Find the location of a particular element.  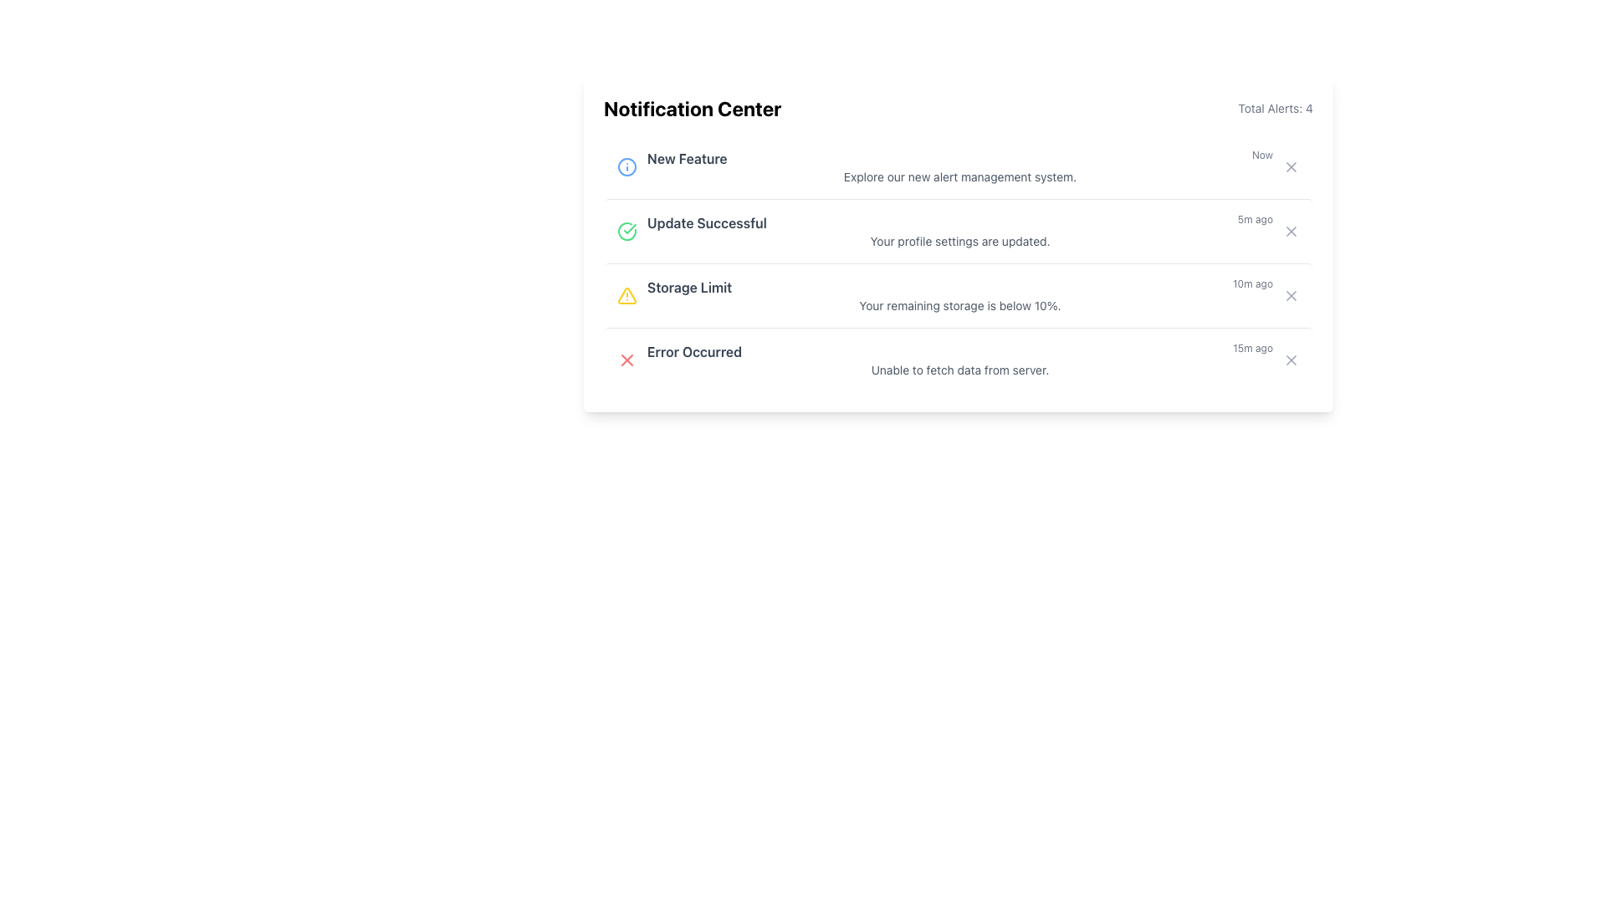

the text label displaying '15m ago' in gray color within the 'Notification Center' interface, located to the right of the 'Error Occurred' title is located at coordinates (1253, 350).